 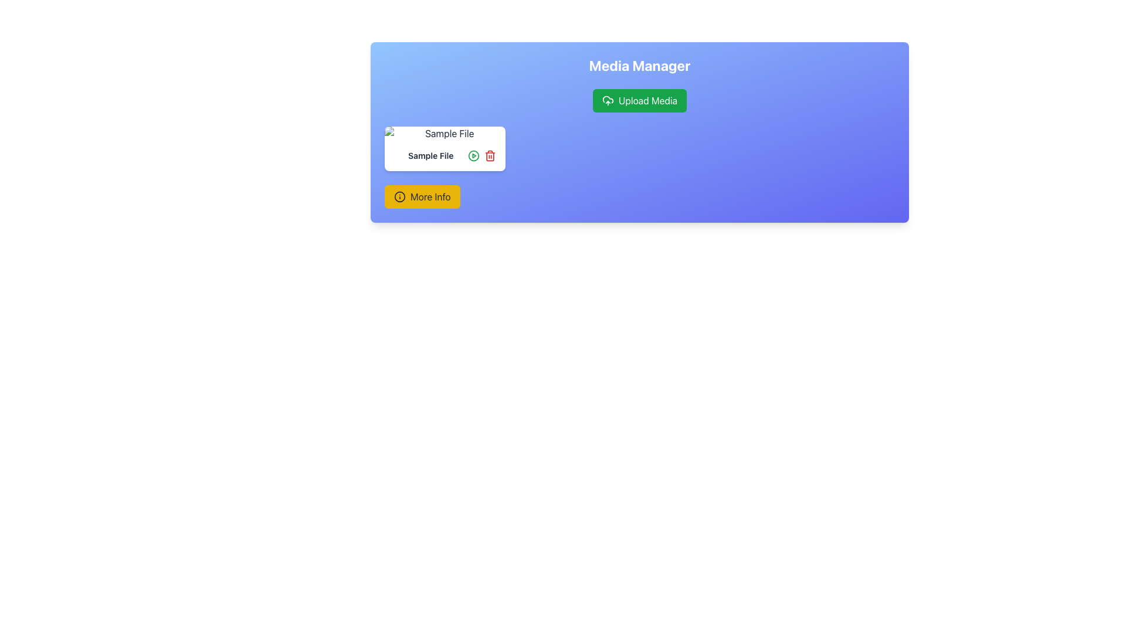 What do you see at coordinates (473, 155) in the screenshot?
I see `the outer circular outline of the SVG Circle located at the center of the play icon structure within the file item component` at bounding box center [473, 155].